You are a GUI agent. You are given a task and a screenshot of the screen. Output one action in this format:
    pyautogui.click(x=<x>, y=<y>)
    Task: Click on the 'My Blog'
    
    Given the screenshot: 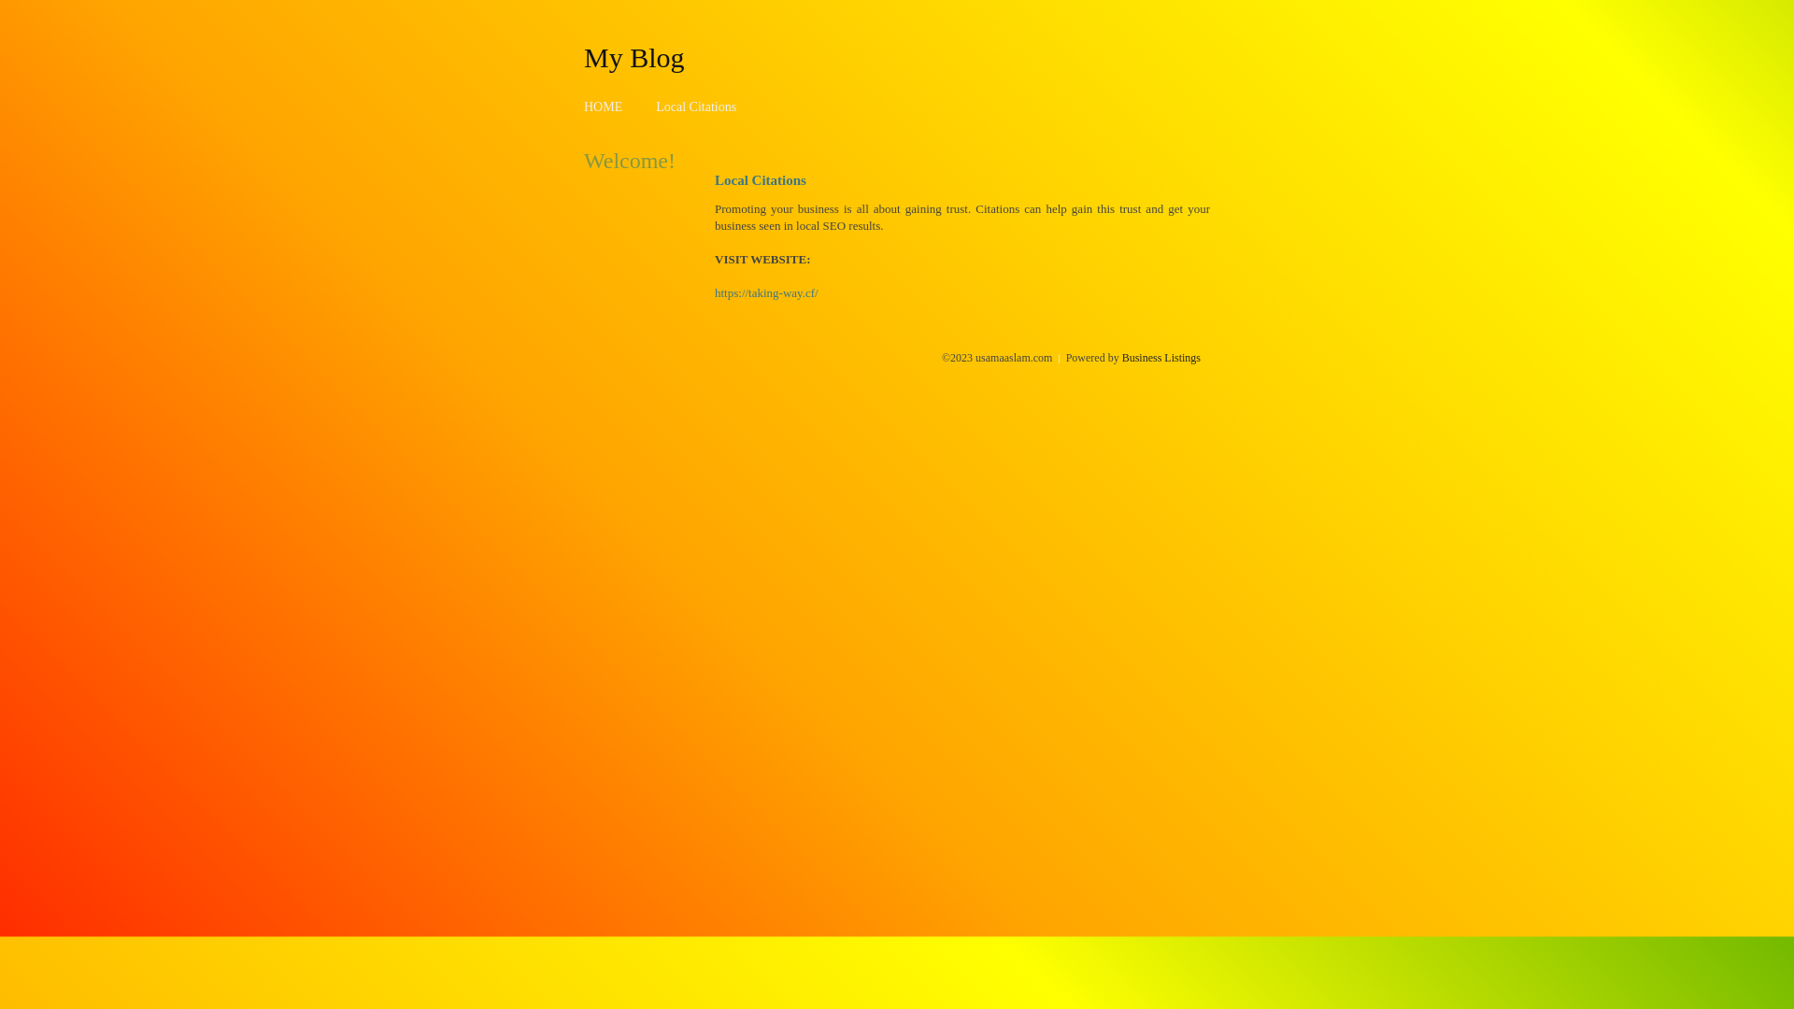 What is the action you would take?
    pyautogui.click(x=634, y=56)
    